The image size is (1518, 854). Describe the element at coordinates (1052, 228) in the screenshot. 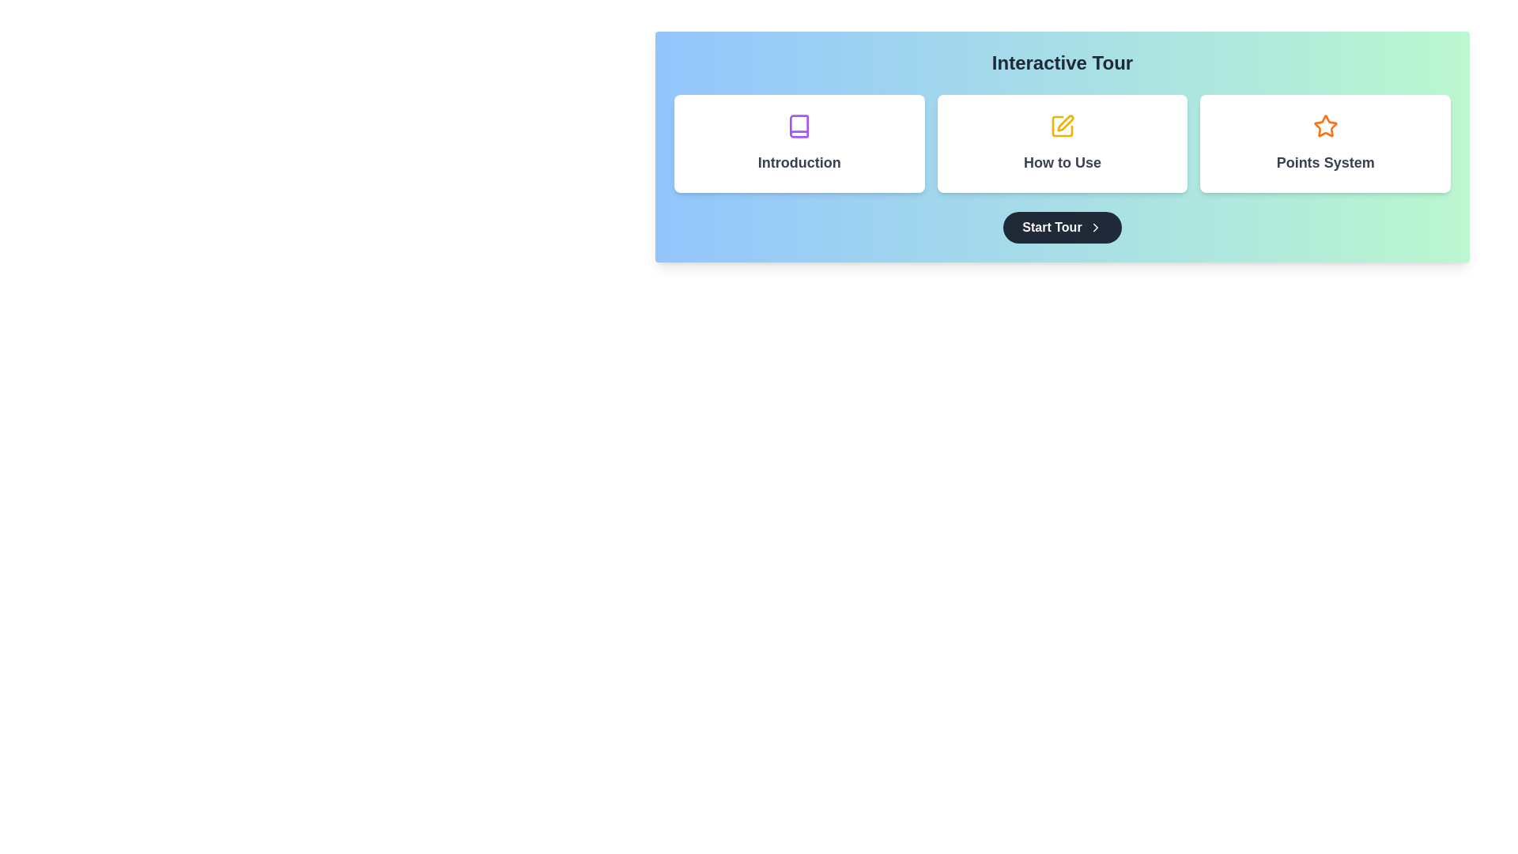

I see `the 'Start Tour' text label, which is displayed in white on a dark background and is centered within the button below the main tiles of the 'Interactive Tour' component, to initiate the tour` at that location.